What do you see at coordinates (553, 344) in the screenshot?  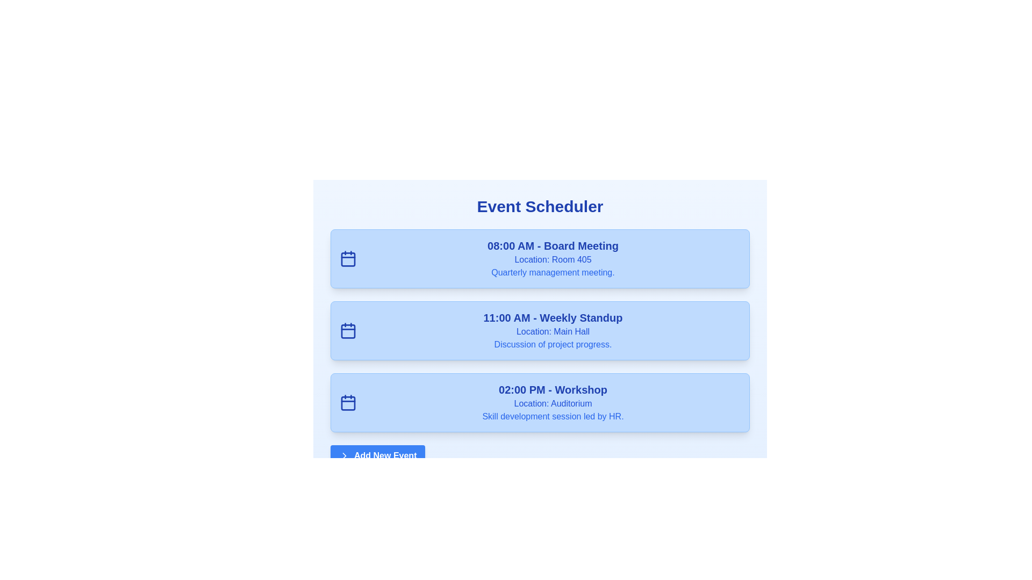 I see `the text fragment that says 'Discussion of project progress.' located underneath the '11:00 AM - Weekly Standup' heading in the scheduled event block` at bounding box center [553, 344].